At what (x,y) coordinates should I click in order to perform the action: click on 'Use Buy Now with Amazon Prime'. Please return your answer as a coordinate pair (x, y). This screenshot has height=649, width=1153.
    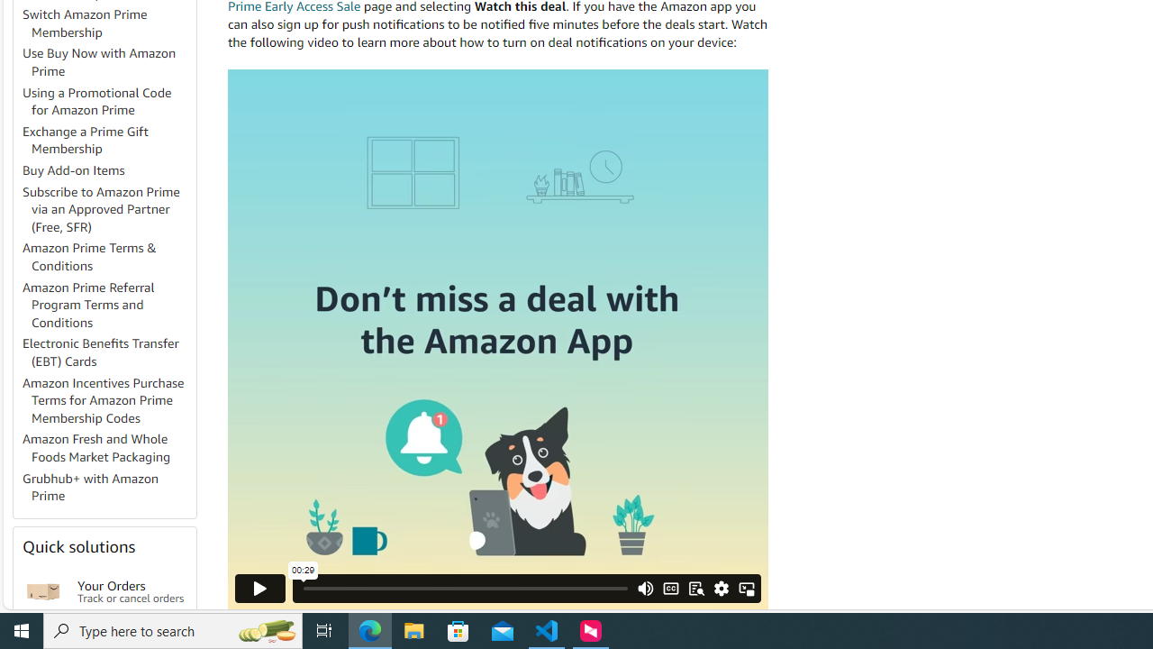
    Looking at the image, I should click on (98, 61).